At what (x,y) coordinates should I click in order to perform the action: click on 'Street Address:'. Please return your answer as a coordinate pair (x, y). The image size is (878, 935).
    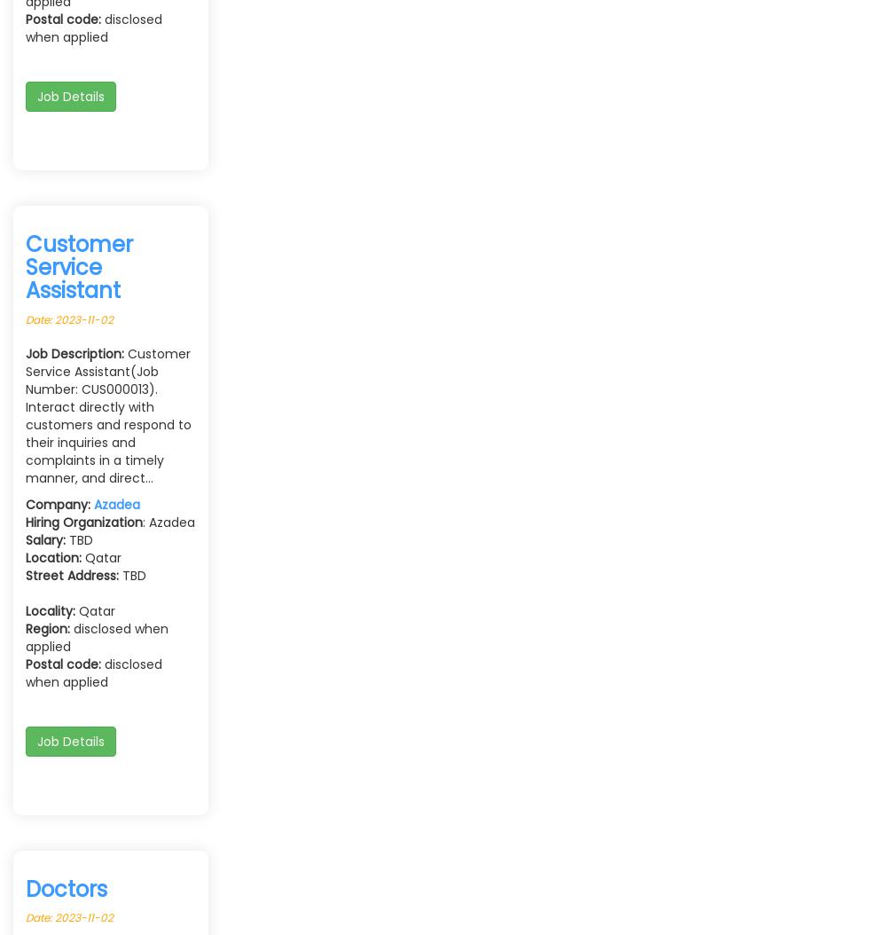
    Looking at the image, I should click on (72, 574).